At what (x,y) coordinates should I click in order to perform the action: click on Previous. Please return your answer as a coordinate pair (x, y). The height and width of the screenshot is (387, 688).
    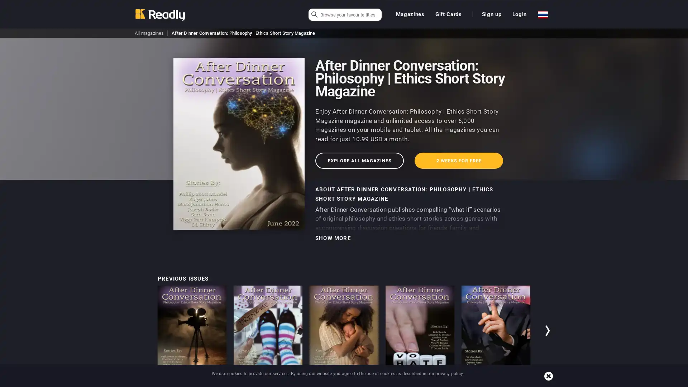
    Looking at the image, I should click on (139, 330).